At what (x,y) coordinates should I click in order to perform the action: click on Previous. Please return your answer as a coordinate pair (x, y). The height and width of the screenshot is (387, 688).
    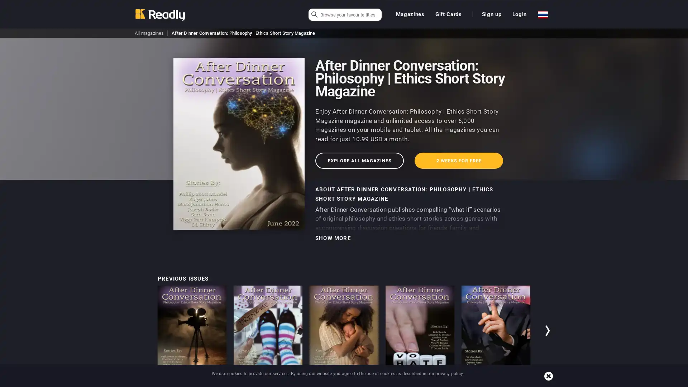
    Looking at the image, I should click on (139, 330).